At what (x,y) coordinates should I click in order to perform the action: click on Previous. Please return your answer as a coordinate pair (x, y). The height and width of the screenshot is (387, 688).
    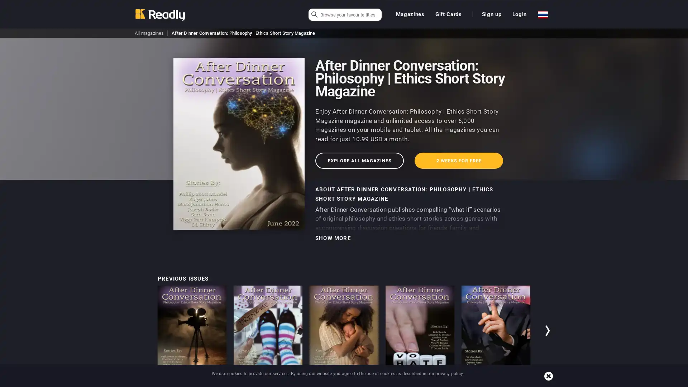
    Looking at the image, I should click on (139, 330).